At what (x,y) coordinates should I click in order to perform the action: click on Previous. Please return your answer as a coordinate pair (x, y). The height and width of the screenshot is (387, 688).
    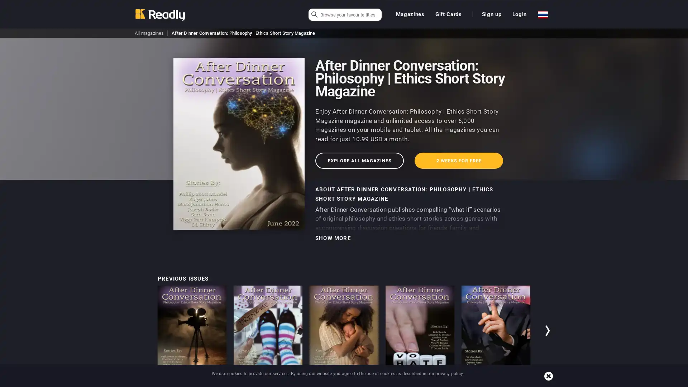
    Looking at the image, I should click on (139, 330).